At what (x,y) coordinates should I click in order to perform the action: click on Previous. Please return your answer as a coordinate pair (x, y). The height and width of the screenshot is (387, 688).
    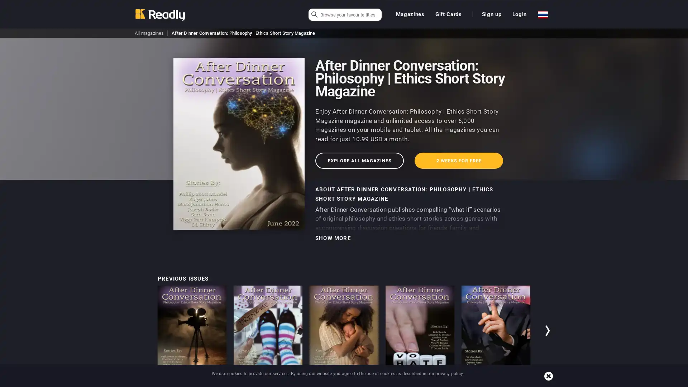
    Looking at the image, I should click on (139, 330).